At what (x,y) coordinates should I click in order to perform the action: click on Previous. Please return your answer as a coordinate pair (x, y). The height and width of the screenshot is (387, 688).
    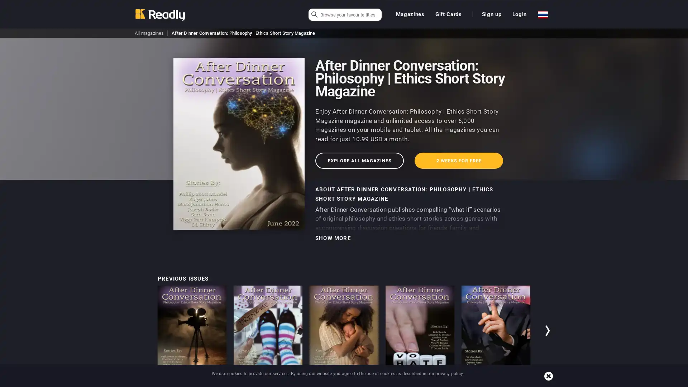
    Looking at the image, I should click on (139, 330).